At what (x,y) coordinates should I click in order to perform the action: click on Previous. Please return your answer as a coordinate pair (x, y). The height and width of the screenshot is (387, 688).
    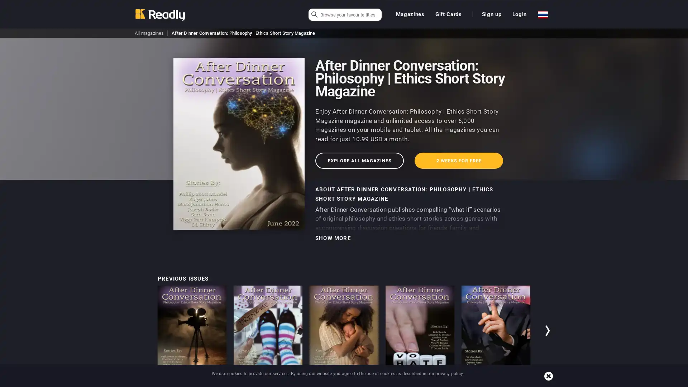
    Looking at the image, I should click on (139, 330).